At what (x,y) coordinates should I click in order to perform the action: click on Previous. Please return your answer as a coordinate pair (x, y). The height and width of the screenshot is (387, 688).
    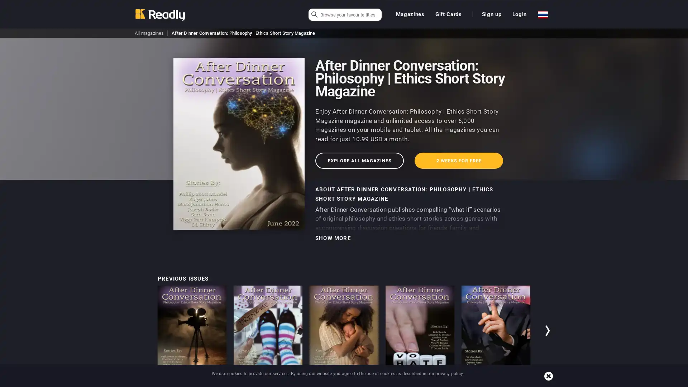
    Looking at the image, I should click on (139, 330).